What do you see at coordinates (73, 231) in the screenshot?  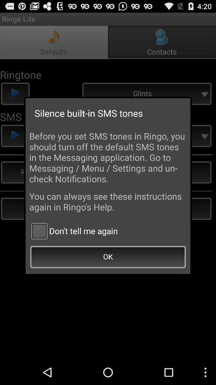 I see `icon above ok item` at bounding box center [73, 231].